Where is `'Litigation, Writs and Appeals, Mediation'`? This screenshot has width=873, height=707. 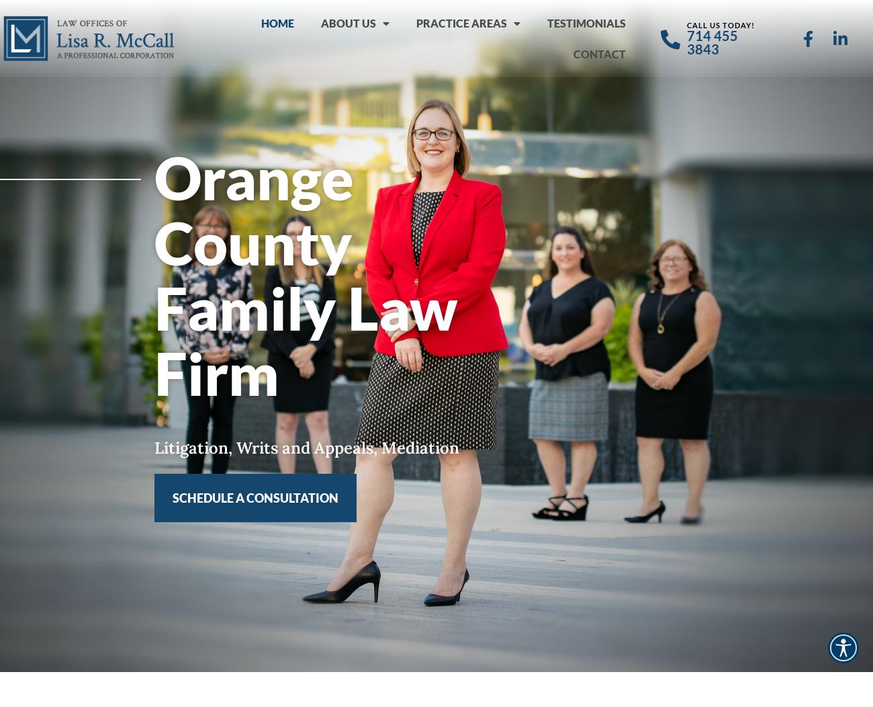
'Litigation, Writs and Appeals, Mediation' is located at coordinates (306, 446).